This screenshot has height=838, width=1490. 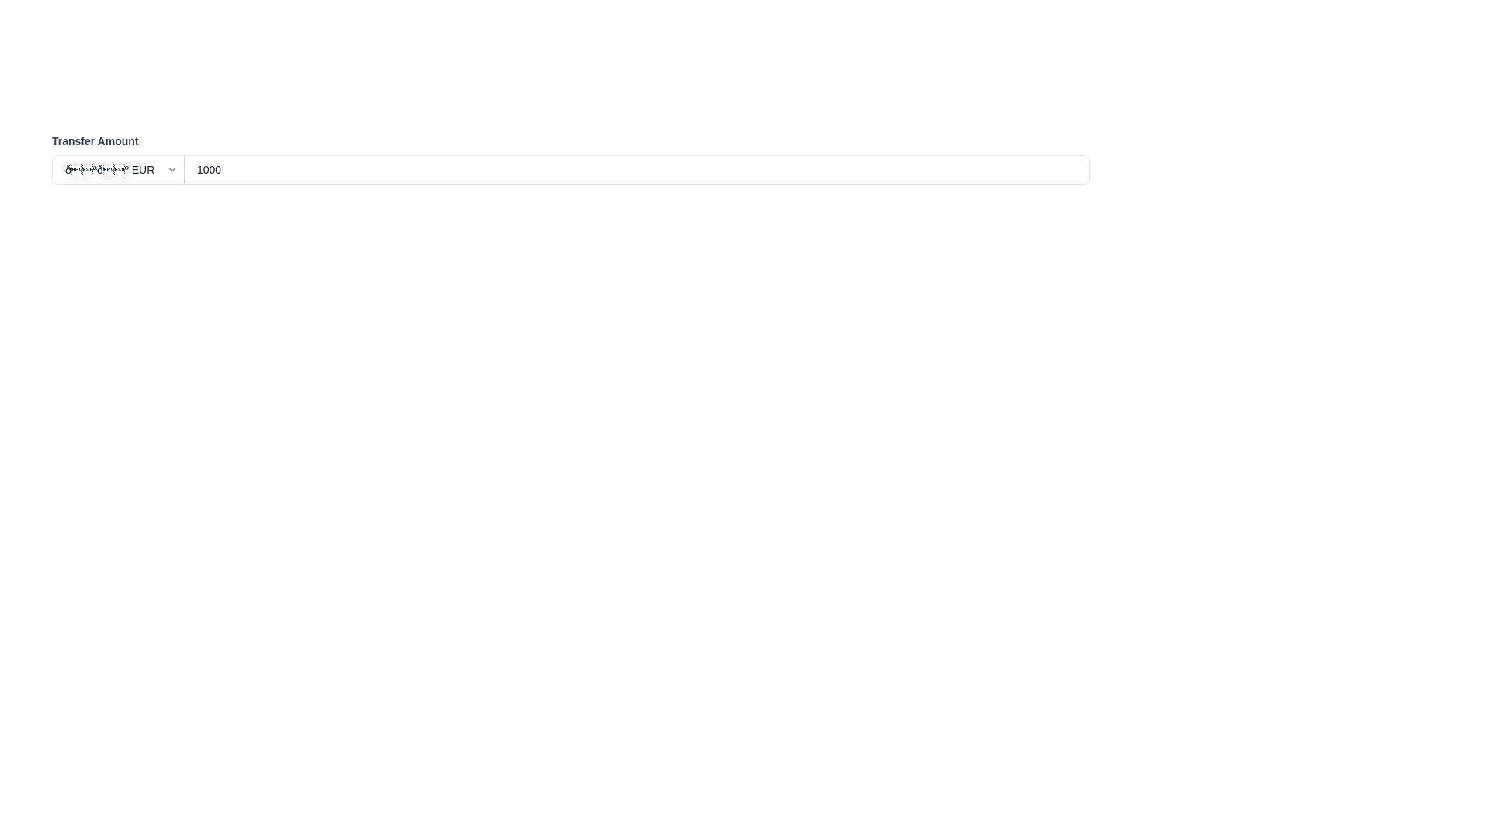 What do you see at coordinates (117, 170) in the screenshot?
I see `the dropdown menu displaying various currency codes and flags, located to the left of the numeric input field and under the 'Transfer Amount' label` at bounding box center [117, 170].